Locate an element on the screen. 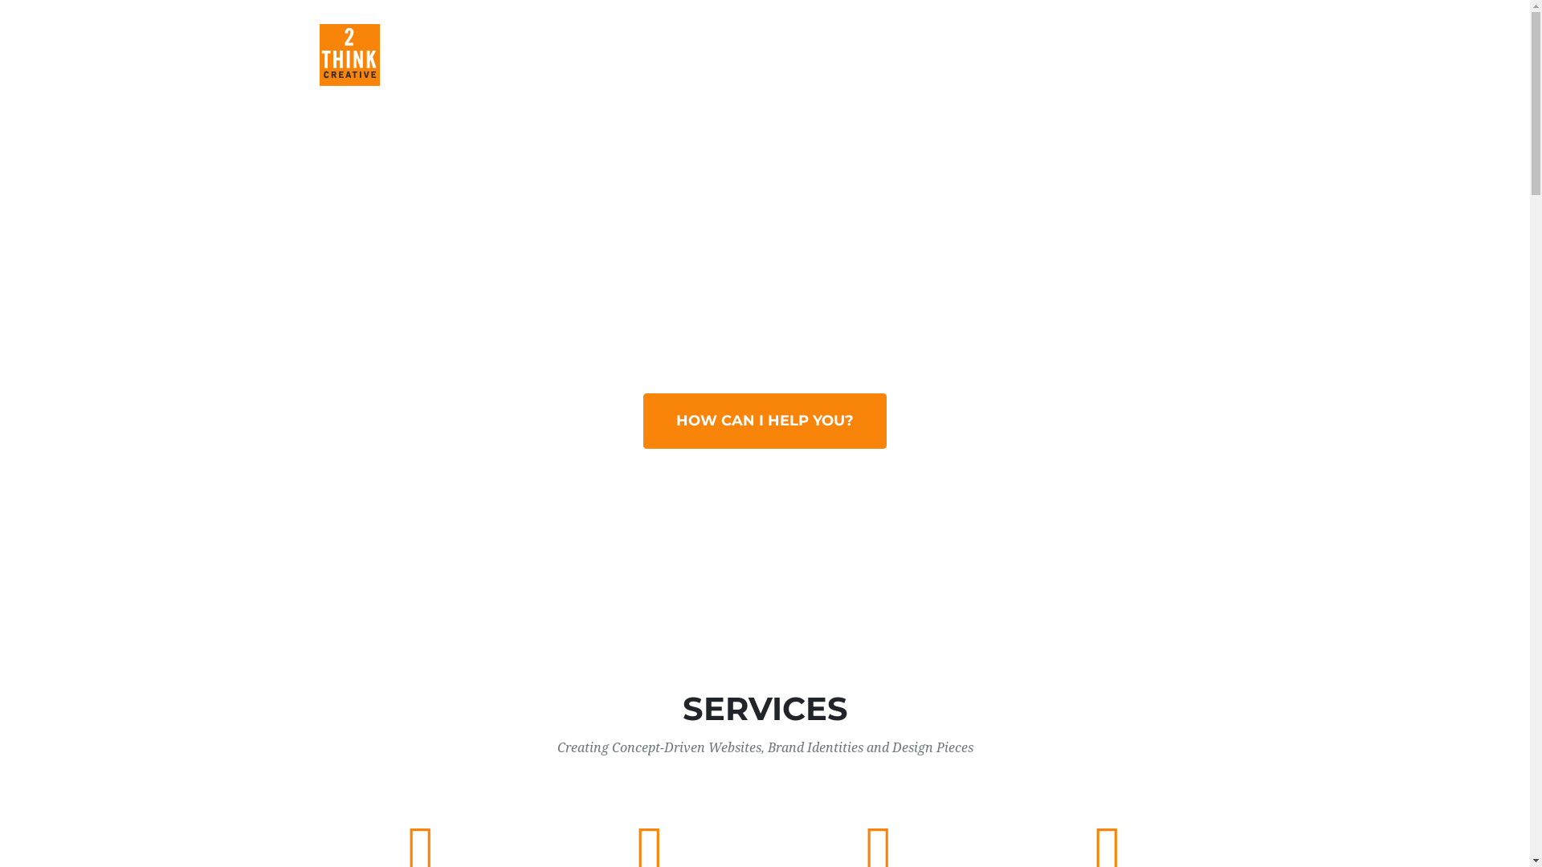 The width and height of the screenshot is (1542, 867). 'CLIENTS' is located at coordinates (1087, 54).